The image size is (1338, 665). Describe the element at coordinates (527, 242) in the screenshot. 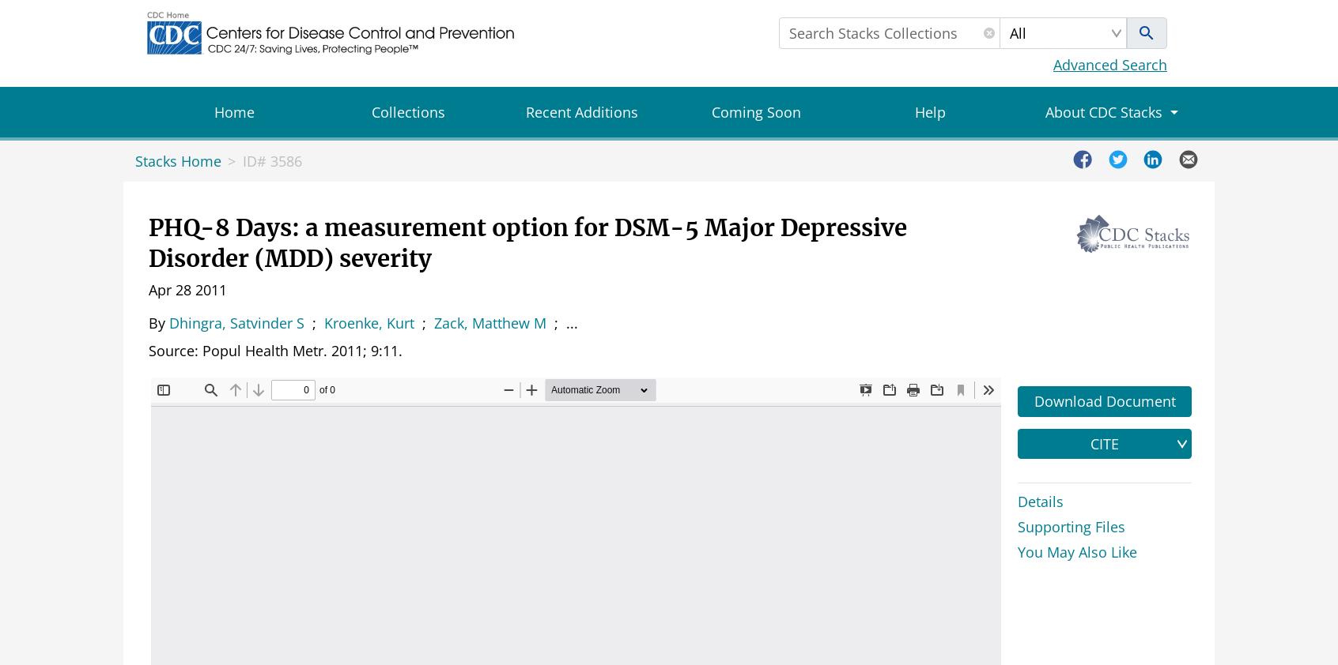

I see `'PHQ-8 Days: a measurement option for DSM-5 Major Depressive Disorder (MDD) severity'` at that location.